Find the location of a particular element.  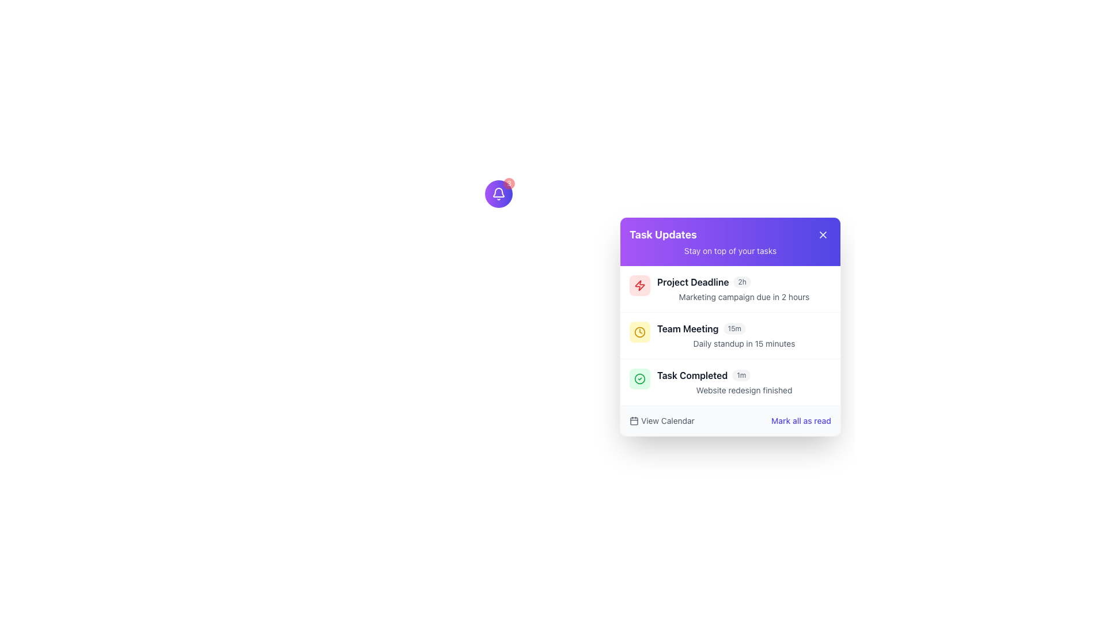

the Circle element representing the boundary of a confirmation icon within the SVG graphic in the notification panel is located at coordinates (639, 379).